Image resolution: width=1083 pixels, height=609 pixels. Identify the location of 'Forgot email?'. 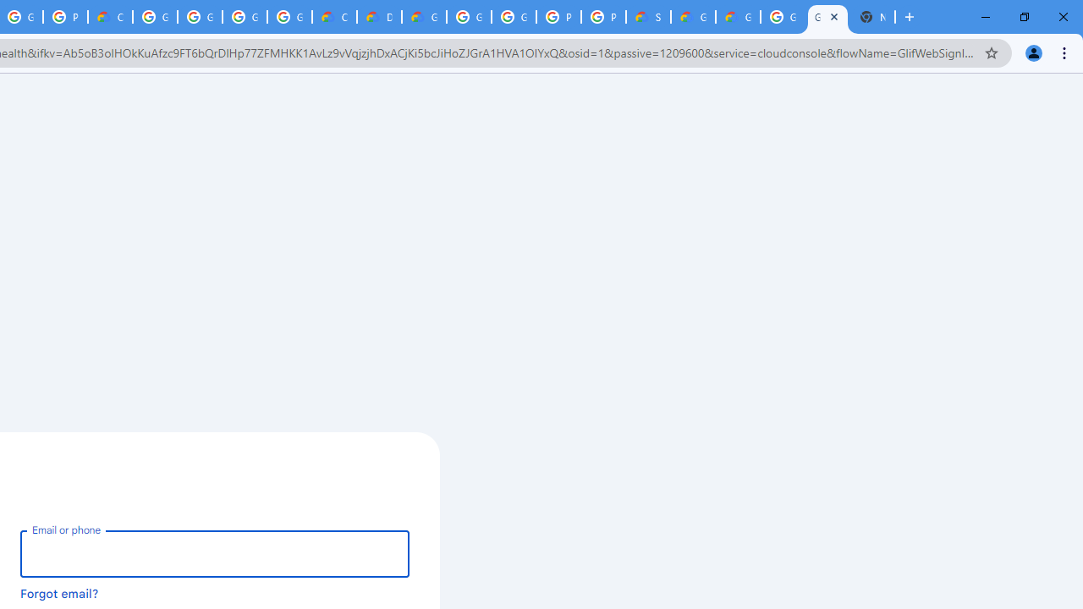
(59, 592).